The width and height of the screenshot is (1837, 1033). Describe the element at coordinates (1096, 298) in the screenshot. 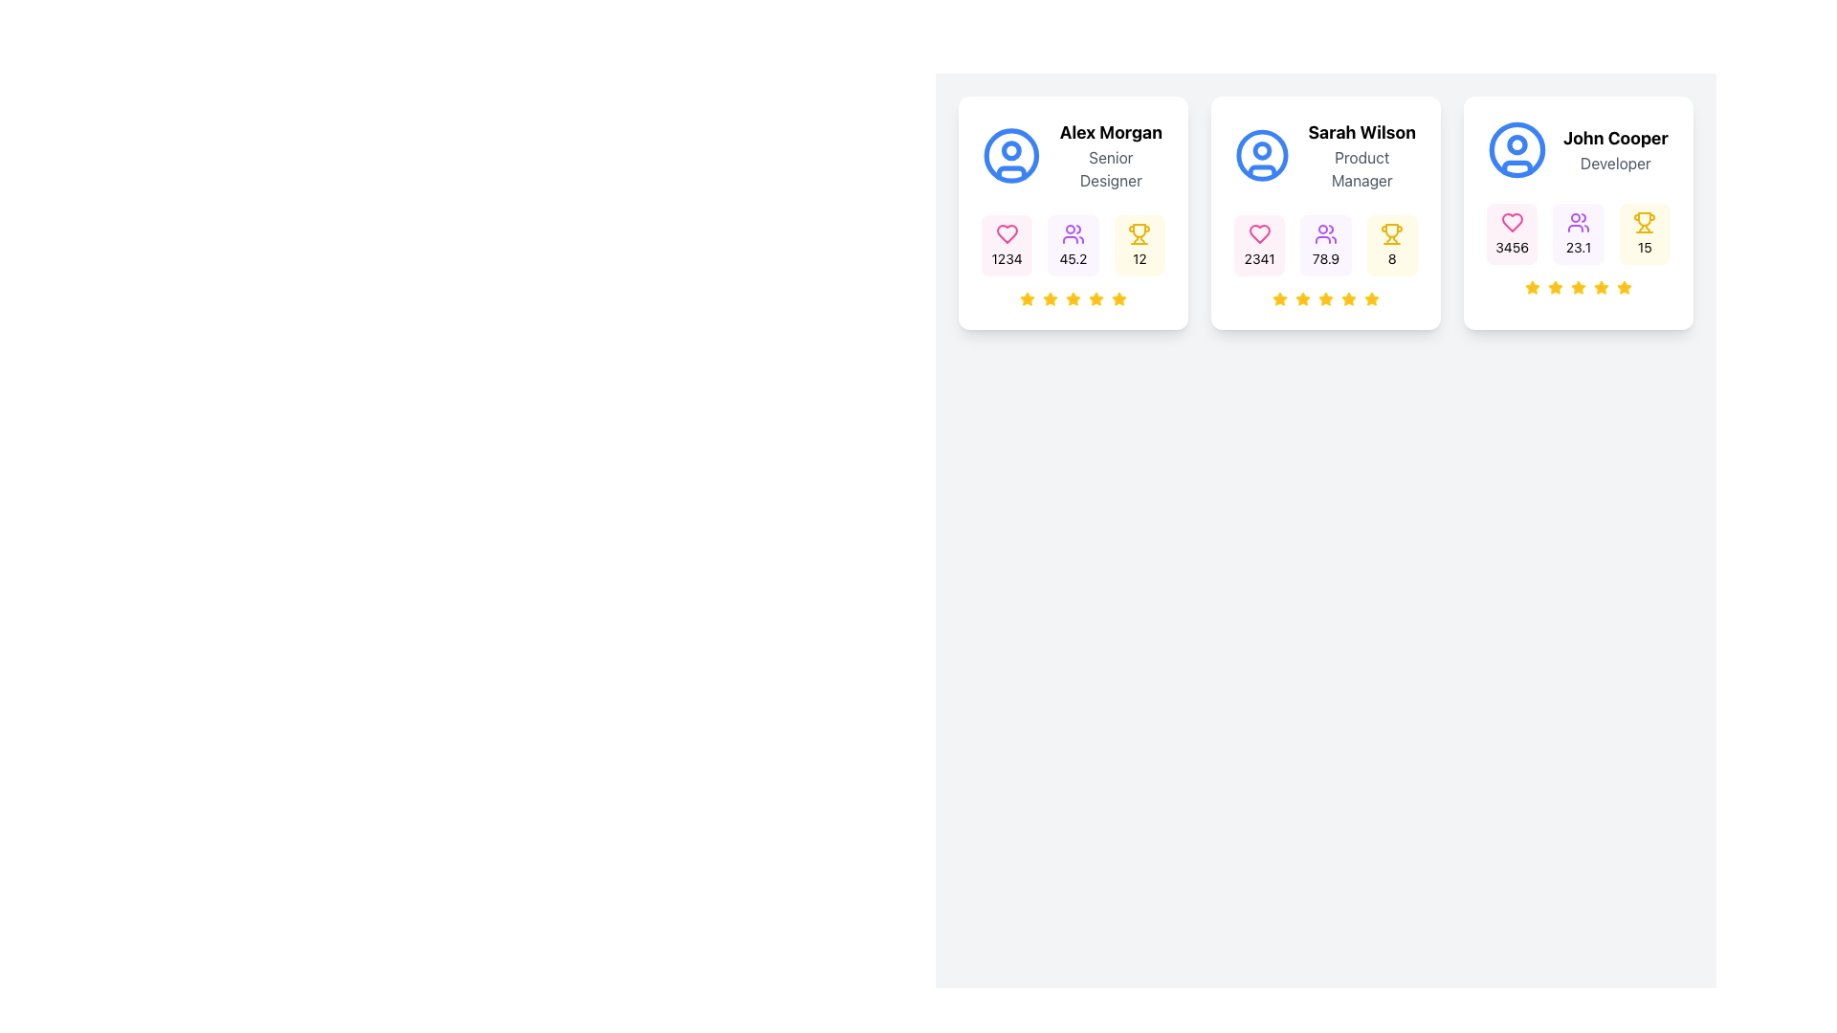

I see `the fifth yellow star icon in the rating system located below the card for 'Alex Morgan'` at that location.